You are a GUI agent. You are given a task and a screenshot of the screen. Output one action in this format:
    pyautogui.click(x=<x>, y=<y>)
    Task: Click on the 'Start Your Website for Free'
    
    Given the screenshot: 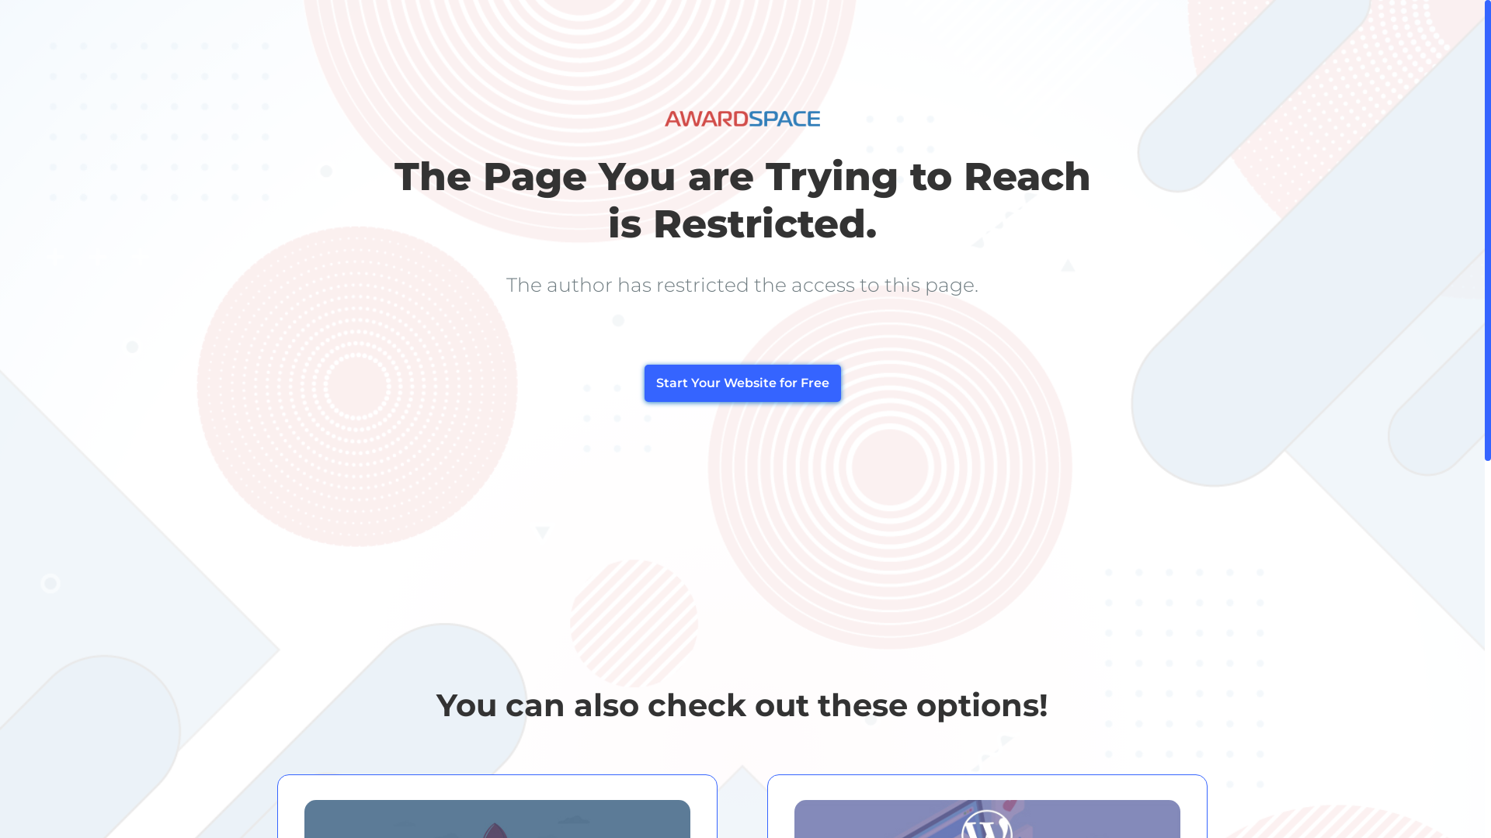 What is the action you would take?
    pyautogui.click(x=742, y=383)
    